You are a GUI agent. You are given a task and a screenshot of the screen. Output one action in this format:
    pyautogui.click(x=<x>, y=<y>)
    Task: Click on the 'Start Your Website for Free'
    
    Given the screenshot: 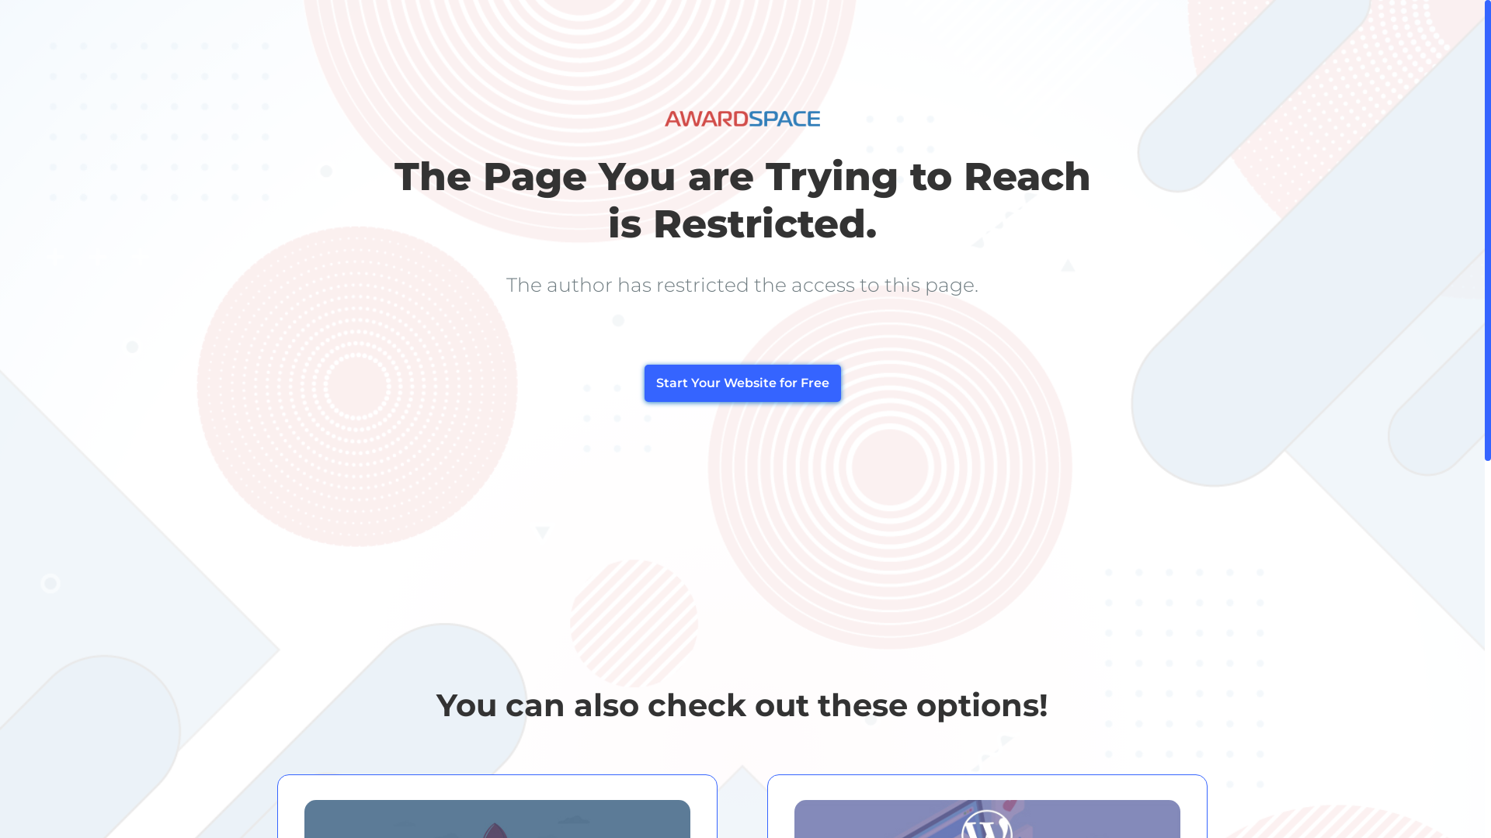 What is the action you would take?
    pyautogui.click(x=742, y=383)
    